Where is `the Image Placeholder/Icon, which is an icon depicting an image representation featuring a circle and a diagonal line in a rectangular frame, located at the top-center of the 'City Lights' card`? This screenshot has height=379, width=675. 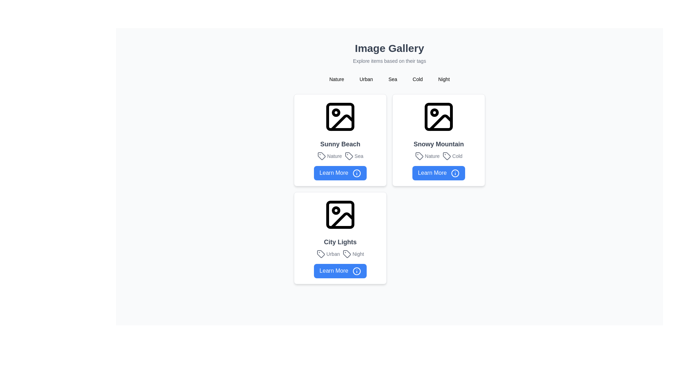 the Image Placeholder/Icon, which is an icon depicting an image representation featuring a circle and a diagonal line in a rectangular frame, located at the top-center of the 'City Lights' card is located at coordinates (340, 214).